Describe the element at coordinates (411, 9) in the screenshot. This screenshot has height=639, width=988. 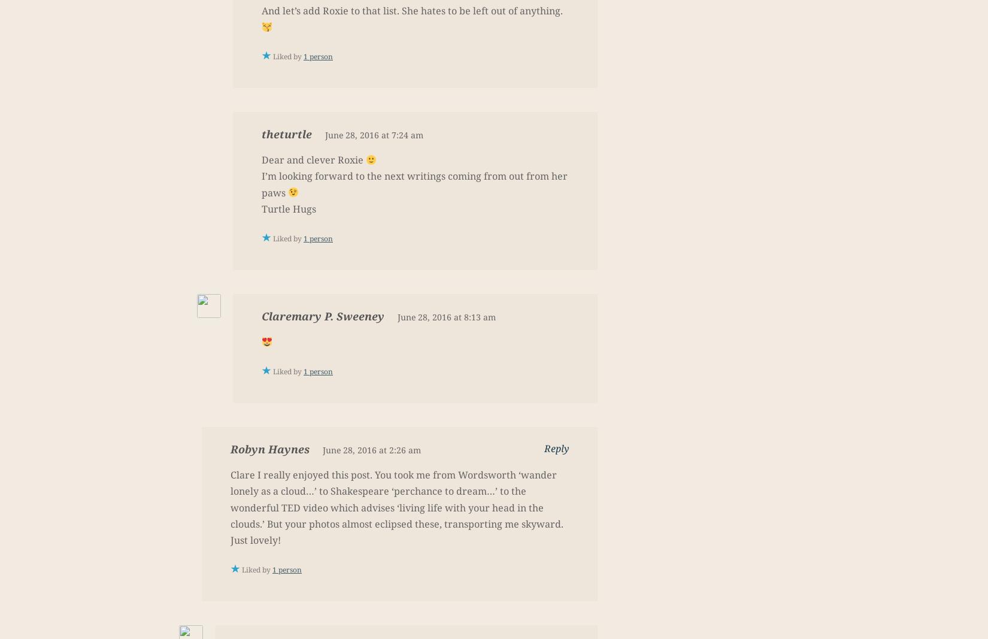
I see `'And let’s add Roxie to that list. She hates to be left out of anything.'` at that location.